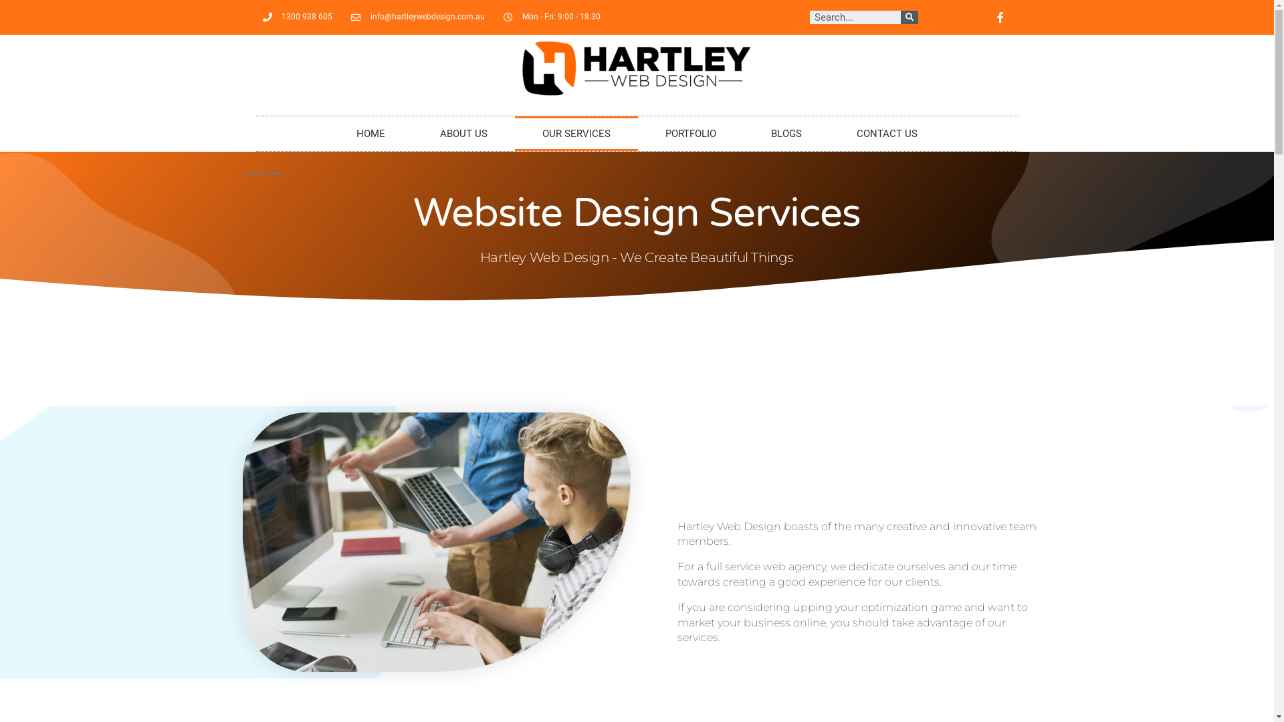  What do you see at coordinates (576, 134) in the screenshot?
I see `'OUR SERVICES'` at bounding box center [576, 134].